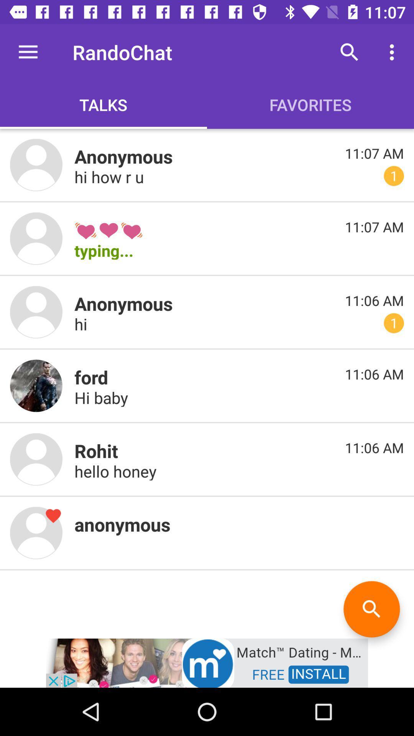  Describe the element at coordinates (36, 164) in the screenshot. I see `profile` at that location.